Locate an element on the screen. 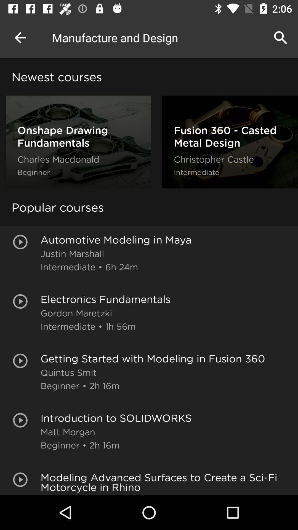 The image size is (298, 530). the app to the right of manufacture and design icon is located at coordinates (281, 37).